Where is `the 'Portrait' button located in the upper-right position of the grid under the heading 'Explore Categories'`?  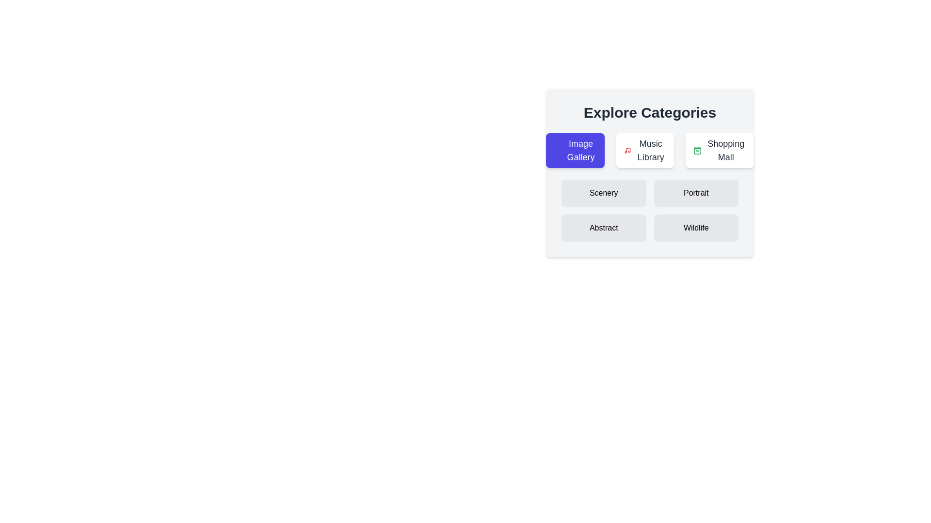
the 'Portrait' button located in the upper-right position of the grid under the heading 'Explore Categories' is located at coordinates (695, 193).